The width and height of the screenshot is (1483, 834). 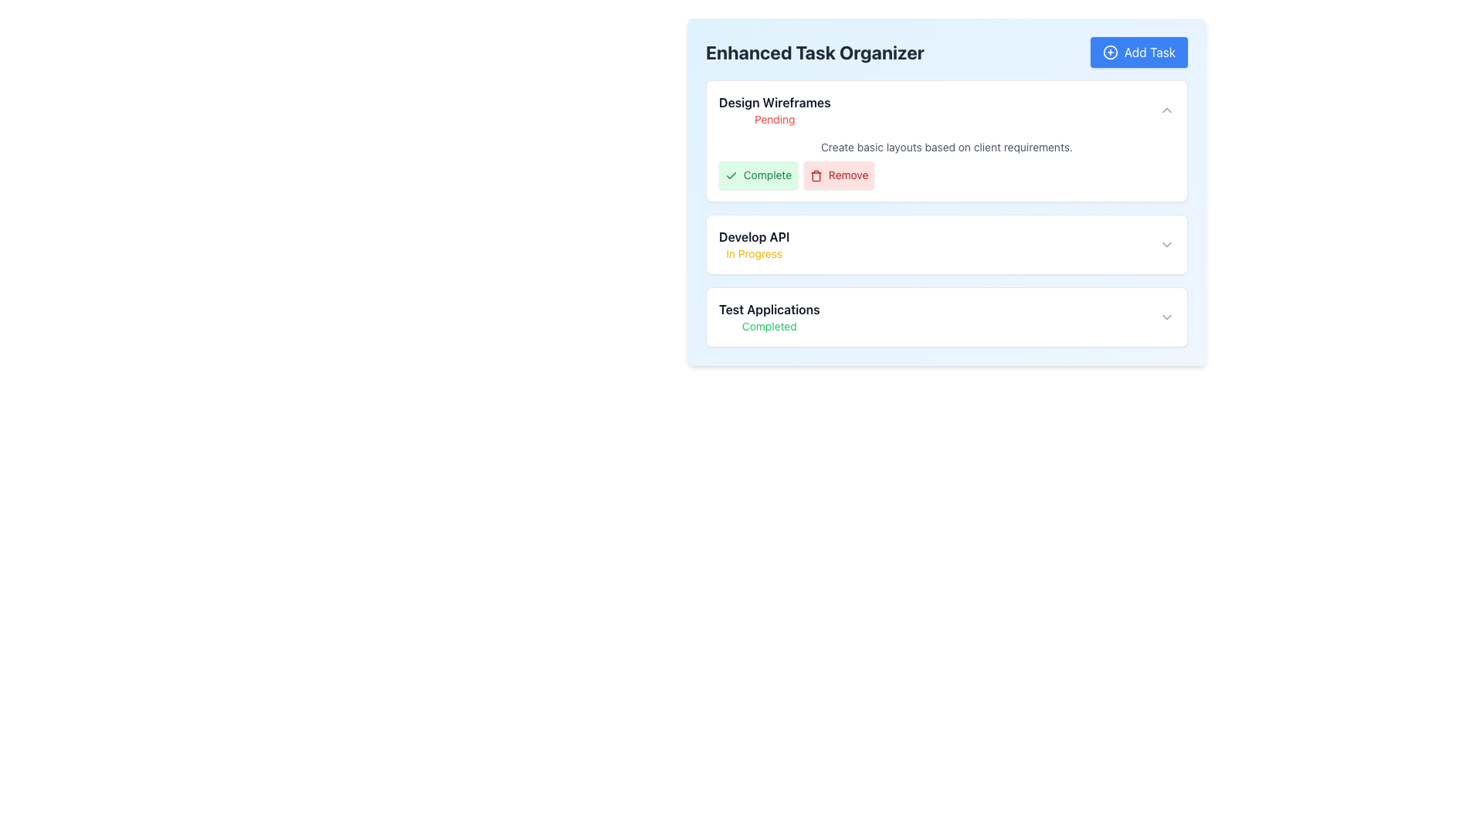 I want to click on the 'Completed' text label, displayed in green font next, so click(x=769, y=326).